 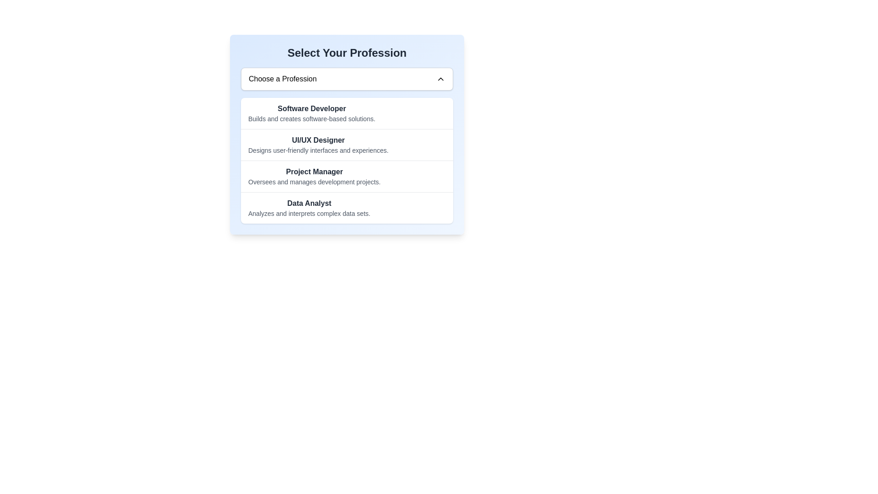 I want to click on the first list item labeled 'Software Developer', so click(x=346, y=113).